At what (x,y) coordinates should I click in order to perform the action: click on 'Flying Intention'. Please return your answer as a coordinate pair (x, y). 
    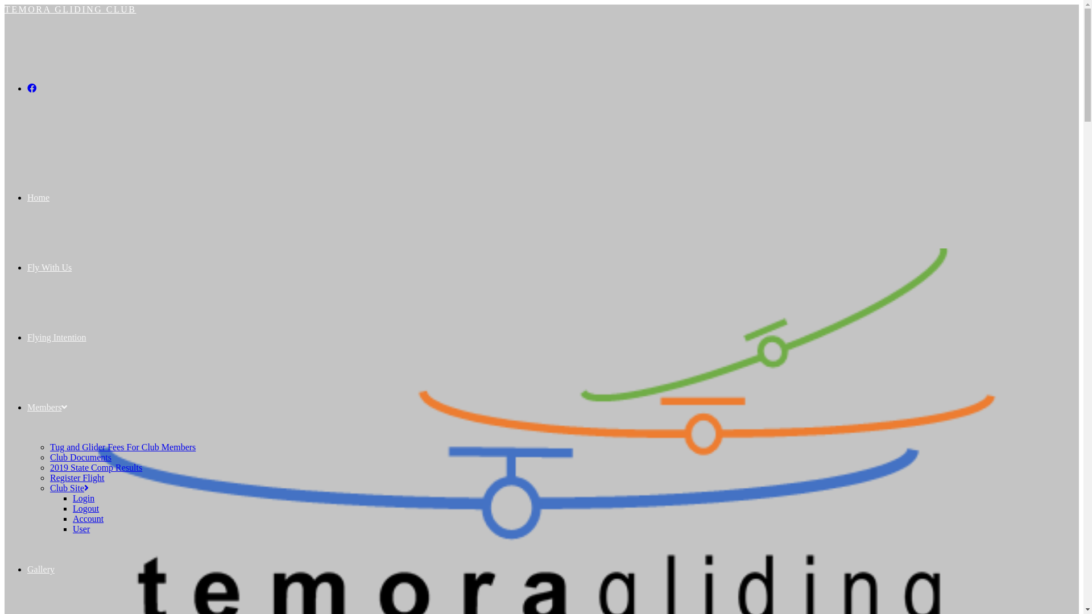
    Looking at the image, I should click on (56, 337).